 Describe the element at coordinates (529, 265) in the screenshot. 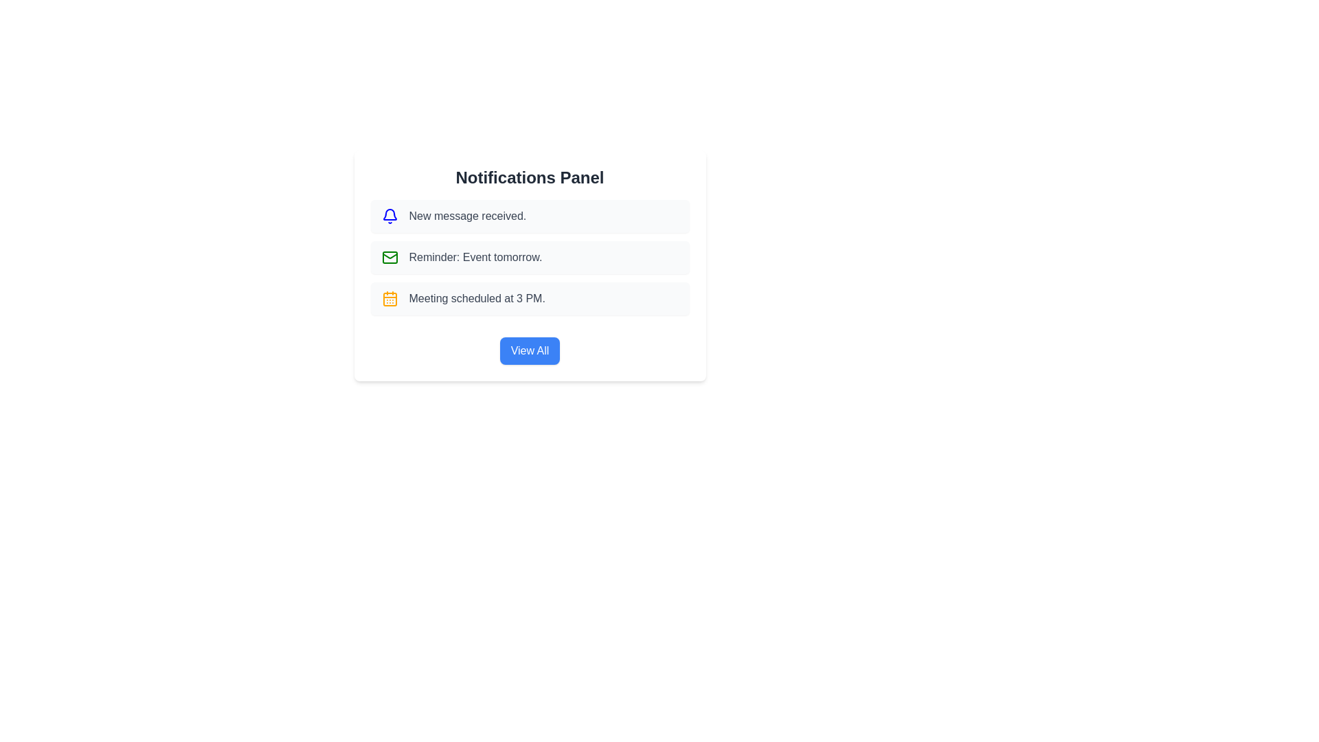

I see `the second notification item in the 'Notifications Panel'` at that location.